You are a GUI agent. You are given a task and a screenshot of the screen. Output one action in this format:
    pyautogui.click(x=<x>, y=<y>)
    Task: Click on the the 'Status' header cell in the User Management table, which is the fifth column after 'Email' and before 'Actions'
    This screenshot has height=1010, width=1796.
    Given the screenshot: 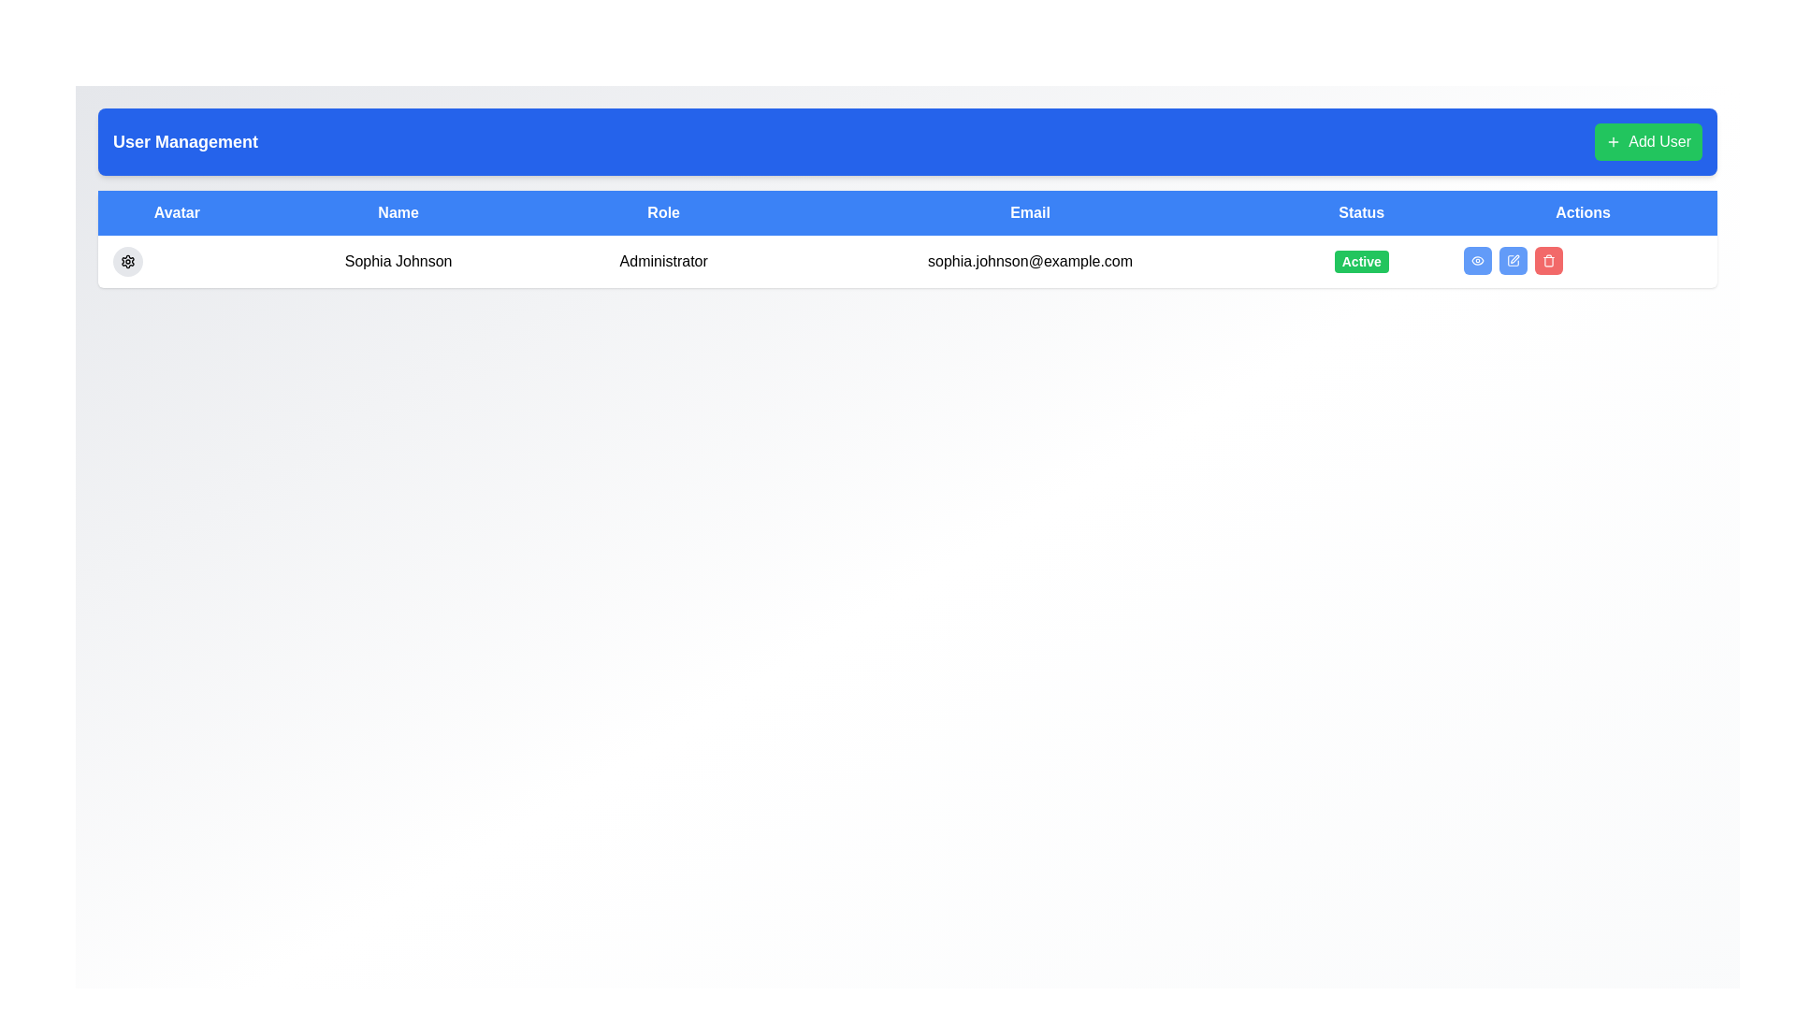 What is the action you would take?
    pyautogui.click(x=1361, y=211)
    